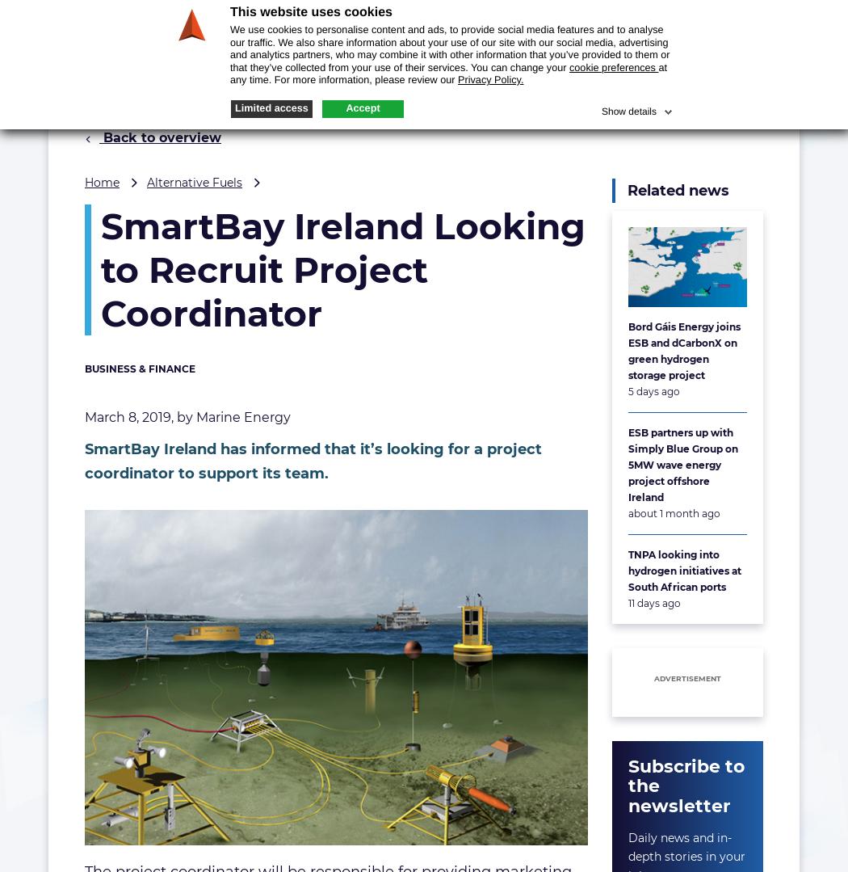 The image size is (848, 872). I want to click on 'SmartBay Ireland Looking to Recruit Project Coordinator', so click(342, 269).